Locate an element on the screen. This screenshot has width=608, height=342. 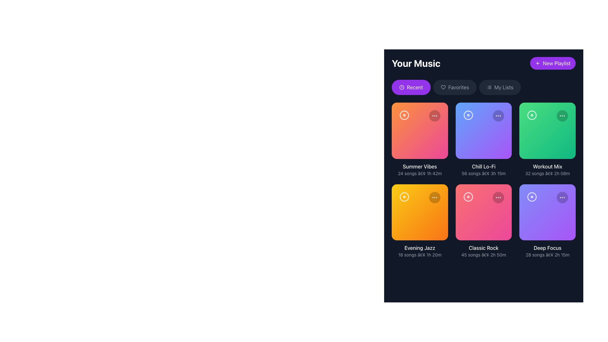
the square card with rounded corners and a gradient background transitioning from blue to purple, which is positioned in the middle of the top row of a grid layout is located at coordinates (483, 130).